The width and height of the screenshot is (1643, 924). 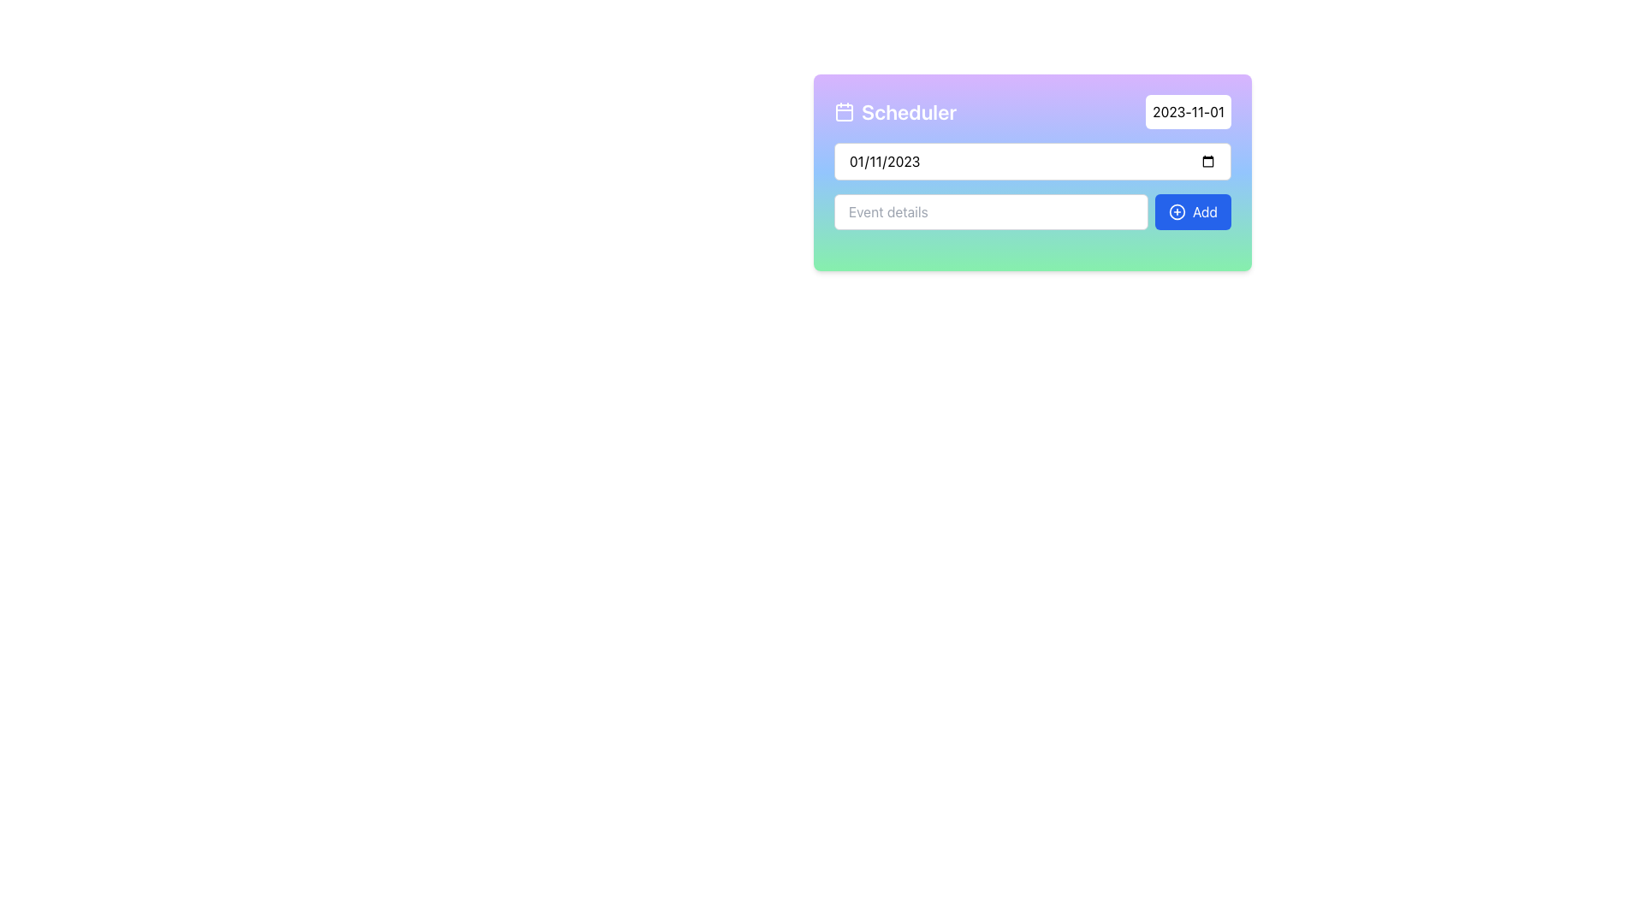 What do you see at coordinates (1177, 210) in the screenshot?
I see `the central circular component of the SVG icon representing a plus symbol inside a circle, which is part of a blue button labeled 'Add' located at the bottom right corner of the form interface` at bounding box center [1177, 210].